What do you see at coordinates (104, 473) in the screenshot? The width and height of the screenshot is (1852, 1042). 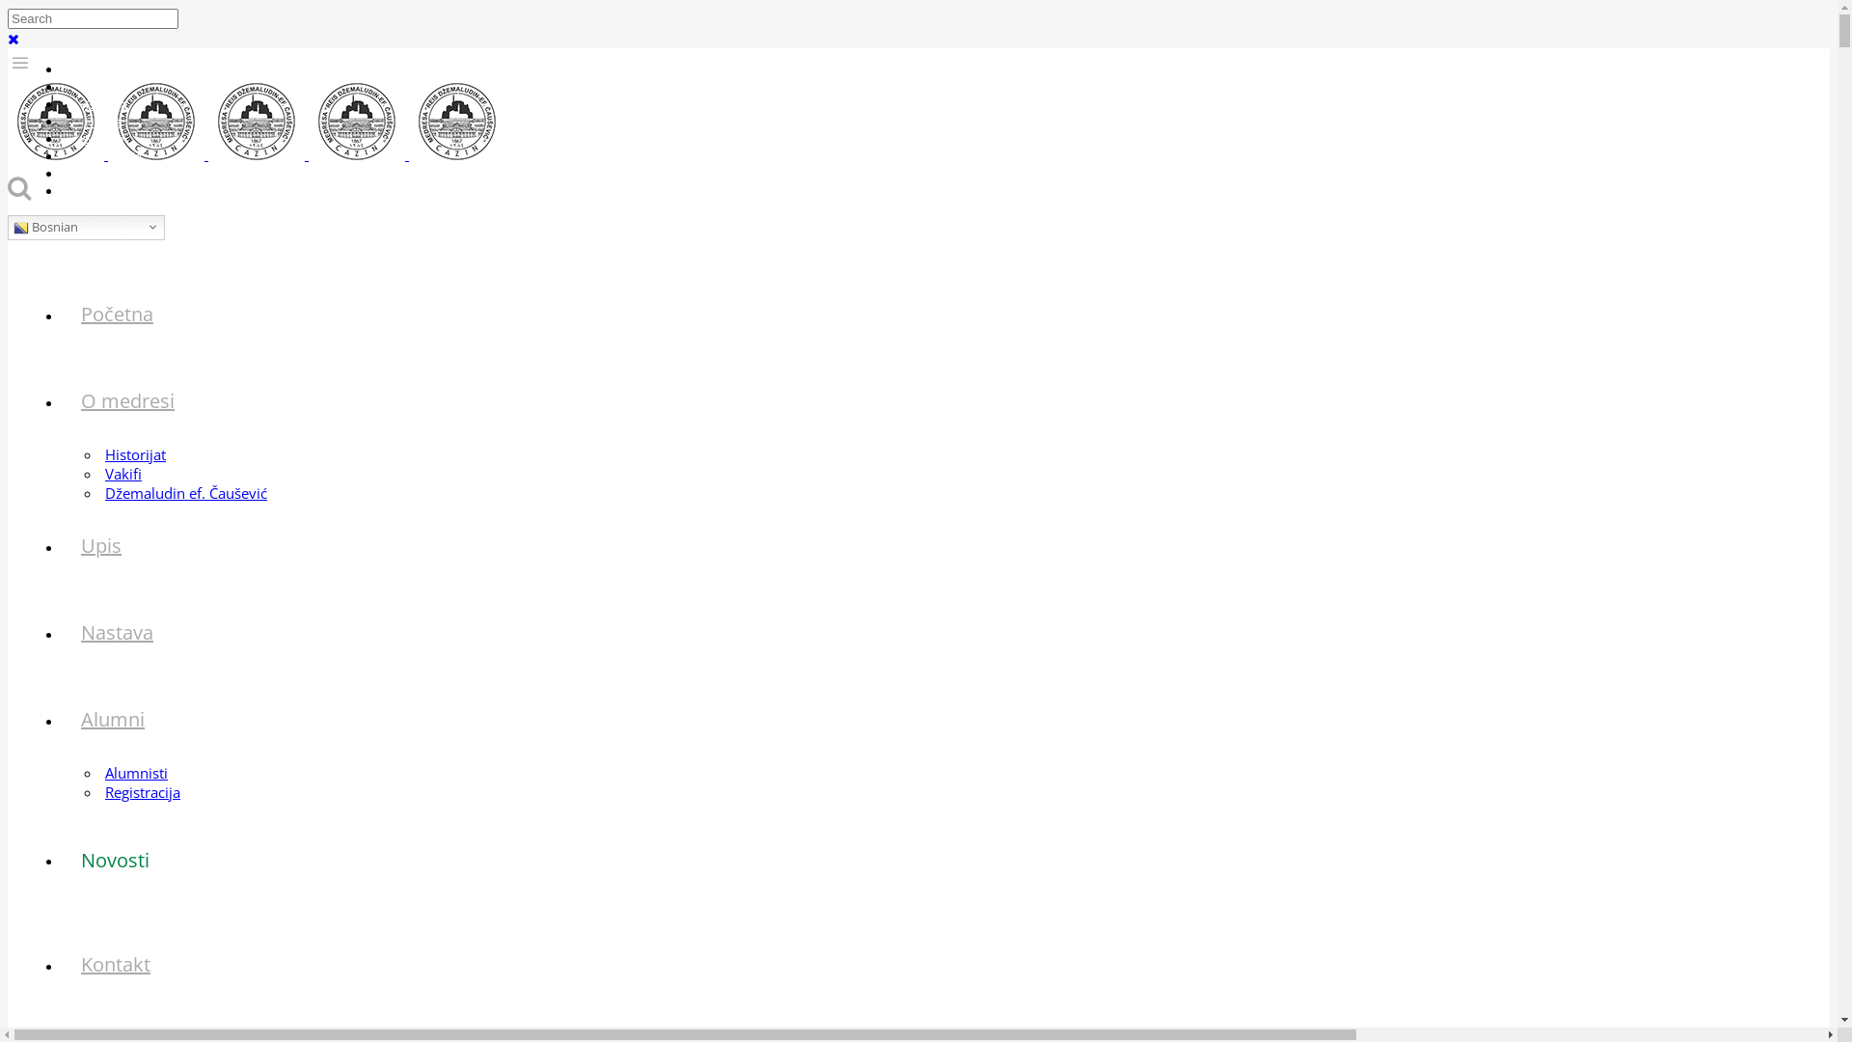 I see `'Vakifi'` at bounding box center [104, 473].